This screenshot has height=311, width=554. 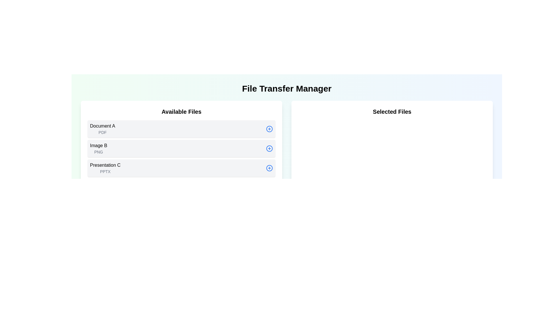 I want to click on the List item representing 'Image B' with a blue circular icon for actions, located in the 'Available Files' panel, so click(x=181, y=148).